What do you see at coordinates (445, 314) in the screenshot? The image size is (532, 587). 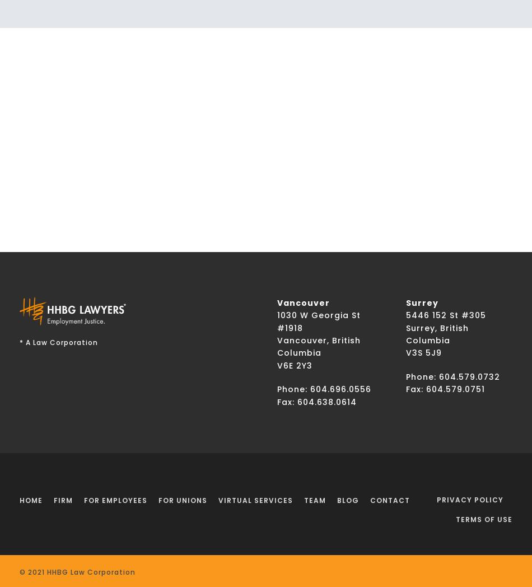 I see `'5446 152 St #305'` at bounding box center [445, 314].